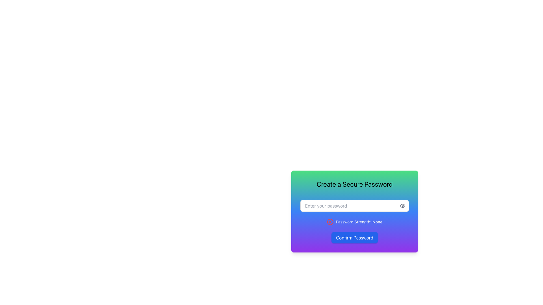 Image resolution: width=543 pixels, height=305 pixels. Describe the element at coordinates (402, 206) in the screenshot. I see `the SVG Icon located on the right-hand side of the password input field` at that location.